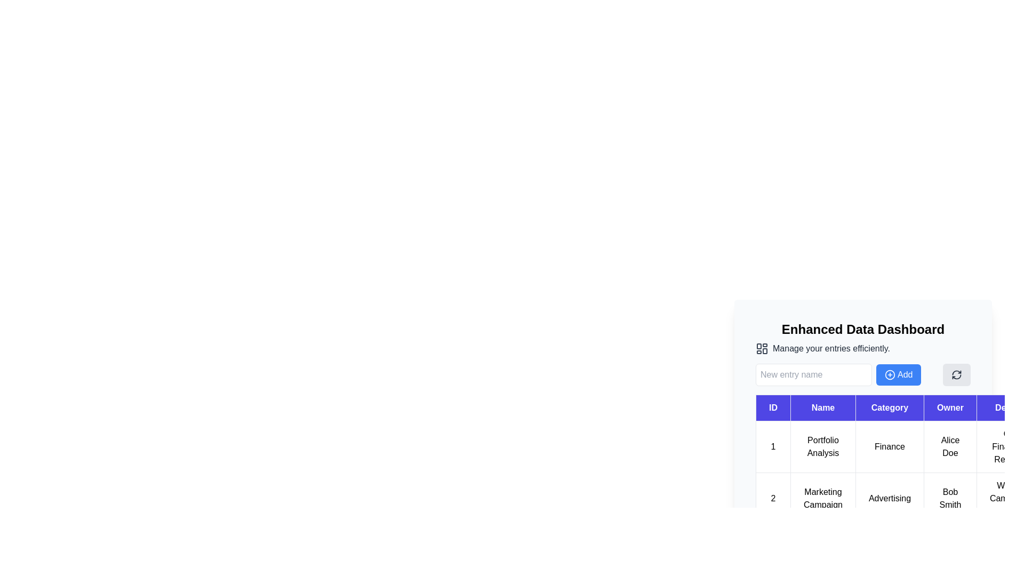  What do you see at coordinates (890, 498) in the screenshot?
I see `the table cell indicating the category 'Advertising' in the second row of the table associated with the 'Marketing Campaign'` at bounding box center [890, 498].